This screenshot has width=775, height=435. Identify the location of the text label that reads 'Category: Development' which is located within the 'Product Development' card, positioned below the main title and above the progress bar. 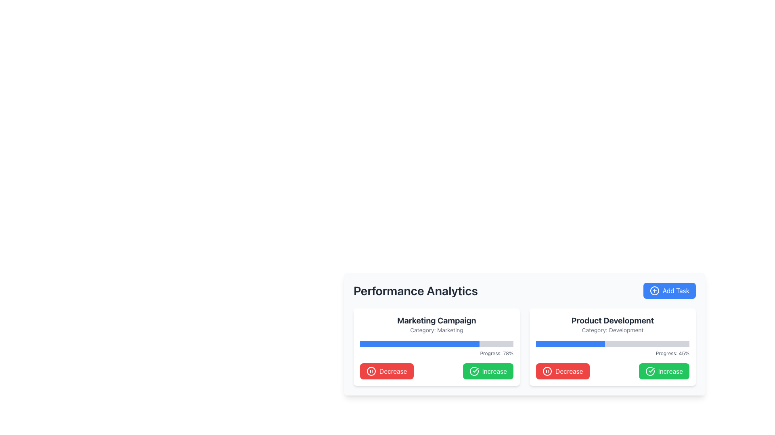
(612, 330).